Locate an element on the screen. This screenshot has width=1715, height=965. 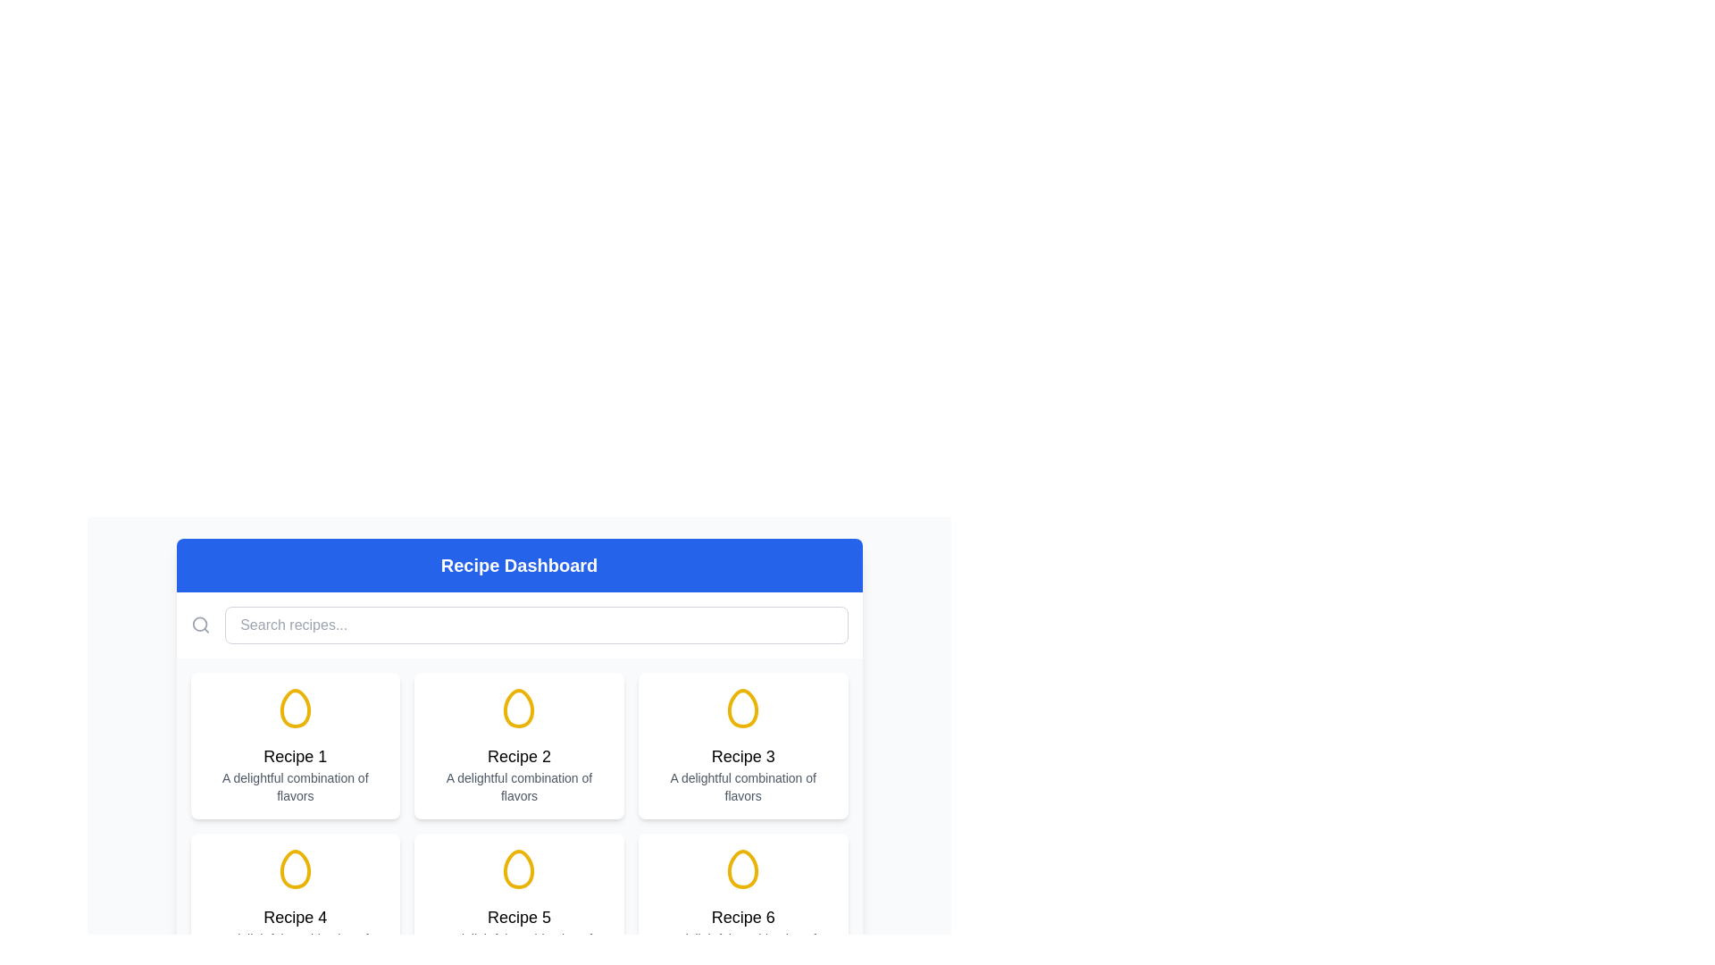
text content of the main title label located in the bottom-right corner of the recipe card, positioned above the subtitle 'A delightful combination of flavors' and below an egg-shaped icon is located at coordinates (743, 917).